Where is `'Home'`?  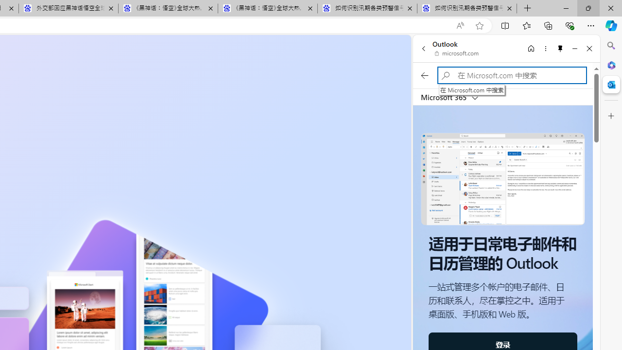
'Home' is located at coordinates (531, 48).